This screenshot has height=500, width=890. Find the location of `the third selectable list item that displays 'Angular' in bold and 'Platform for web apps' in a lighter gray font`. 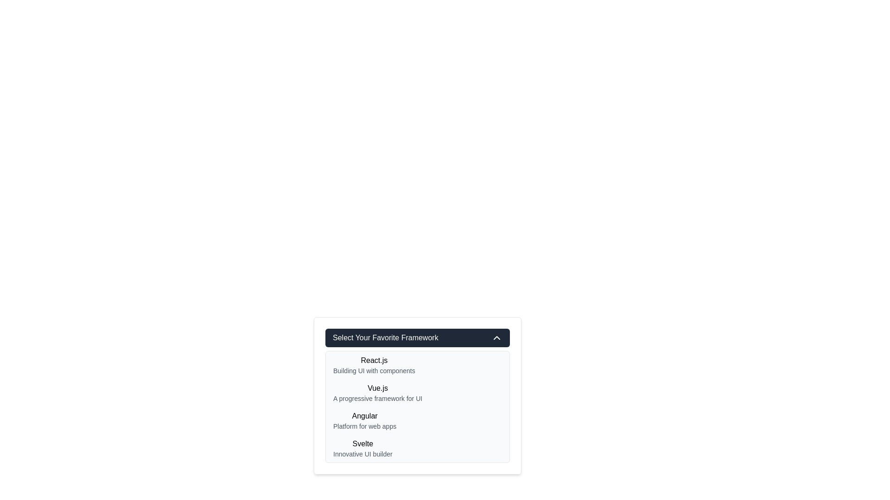

the third selectable list item that displays 'Angular' in bold and 'Platform for web apps' in a lighter gray font is located at coordinates (417, 421).